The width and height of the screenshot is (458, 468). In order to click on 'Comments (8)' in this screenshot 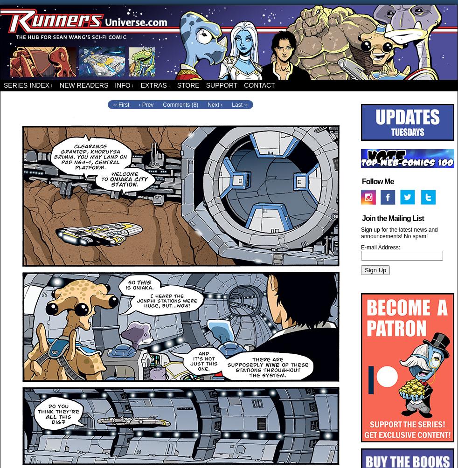, I will do `click(163, 103)`.